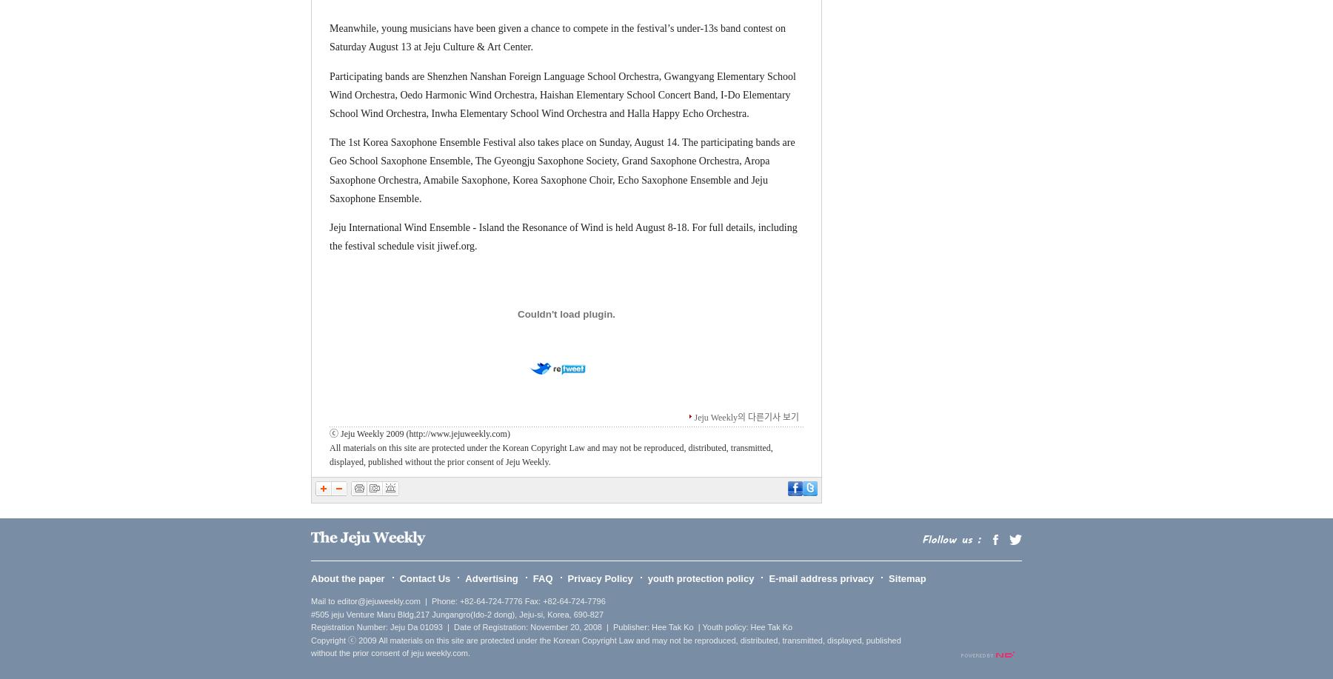  Describe the element at coordinates (465, 577) in the screenshot. I see `'Advertising'` at that location.